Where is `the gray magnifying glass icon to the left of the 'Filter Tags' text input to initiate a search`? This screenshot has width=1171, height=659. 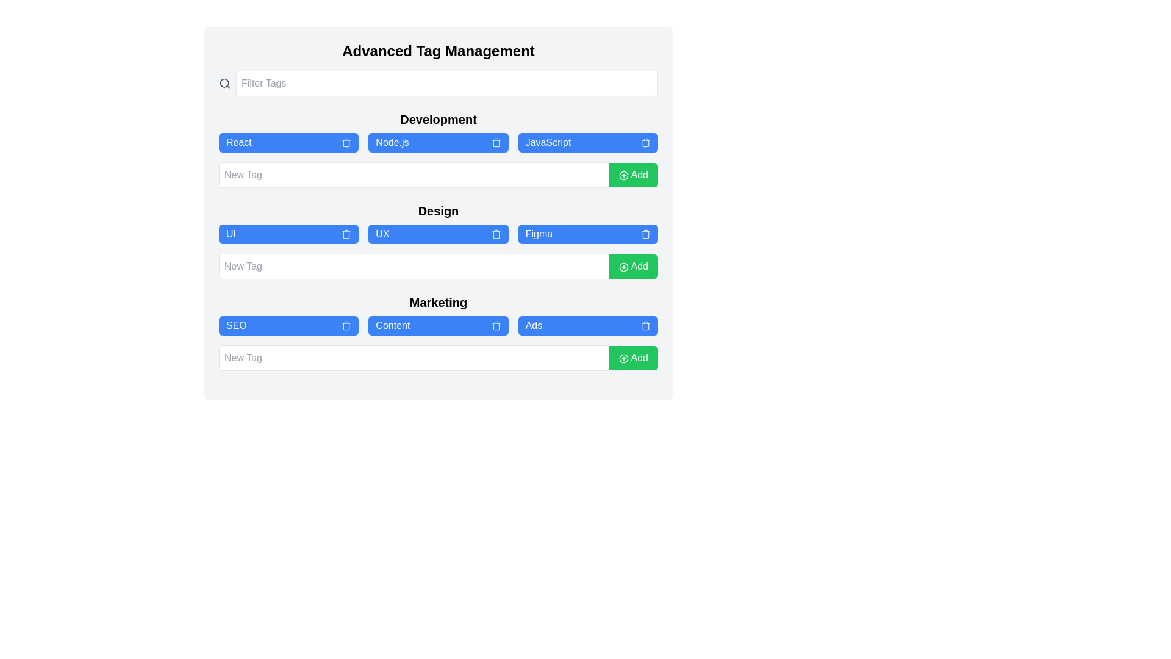
the gray magnifying glass icon to the left of the 'Filter Tags' text input to initiate a search is located at coordinates (225, 83).